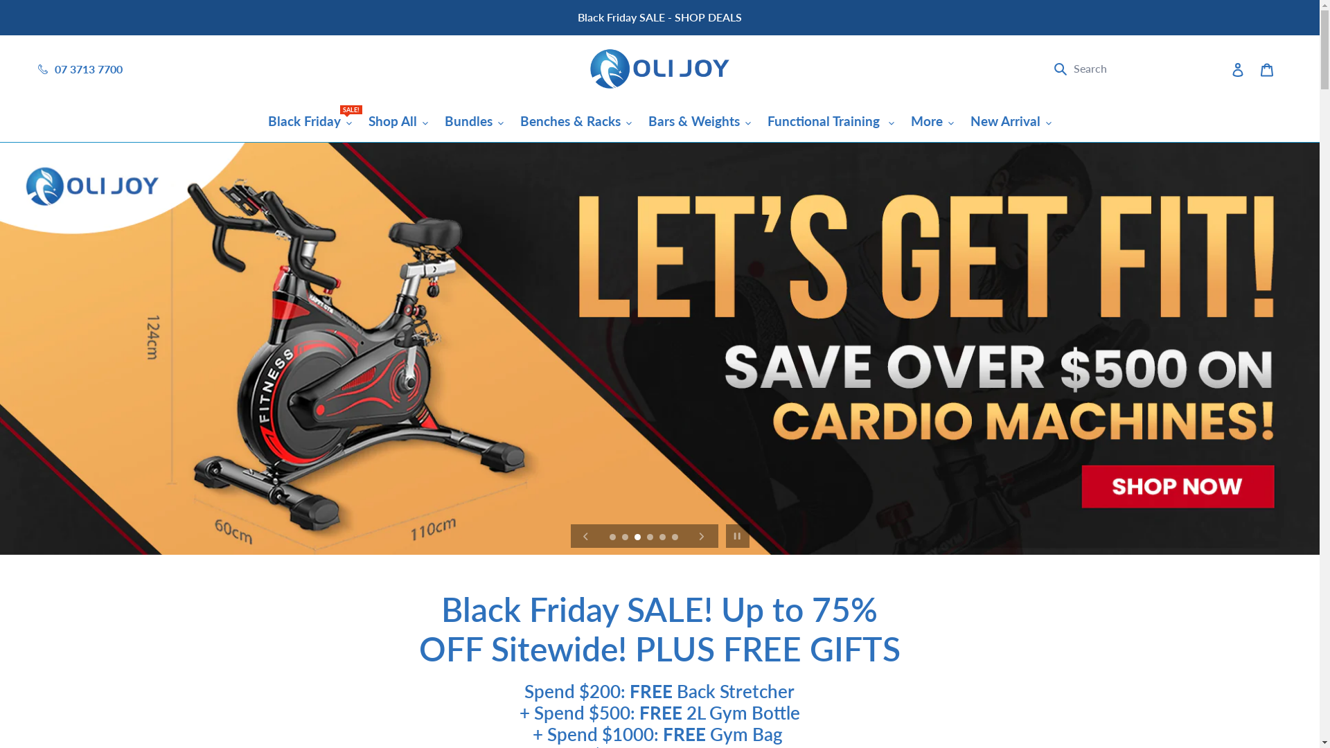  What do you see at coordinates (1223, 69) in the screenshot?
I see `'Log in'` at bounding box center [1223, 69].